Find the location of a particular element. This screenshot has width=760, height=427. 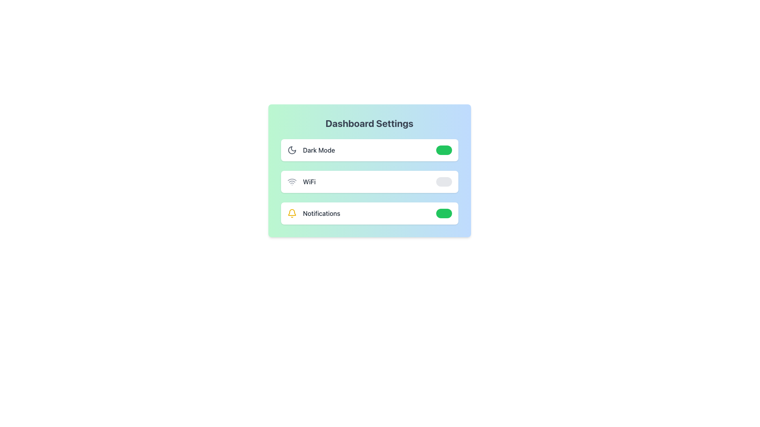

the WiFi icon located in the second row of the layout, adjacent to the 'WiFi' text label is located at coordinates (291, 181).